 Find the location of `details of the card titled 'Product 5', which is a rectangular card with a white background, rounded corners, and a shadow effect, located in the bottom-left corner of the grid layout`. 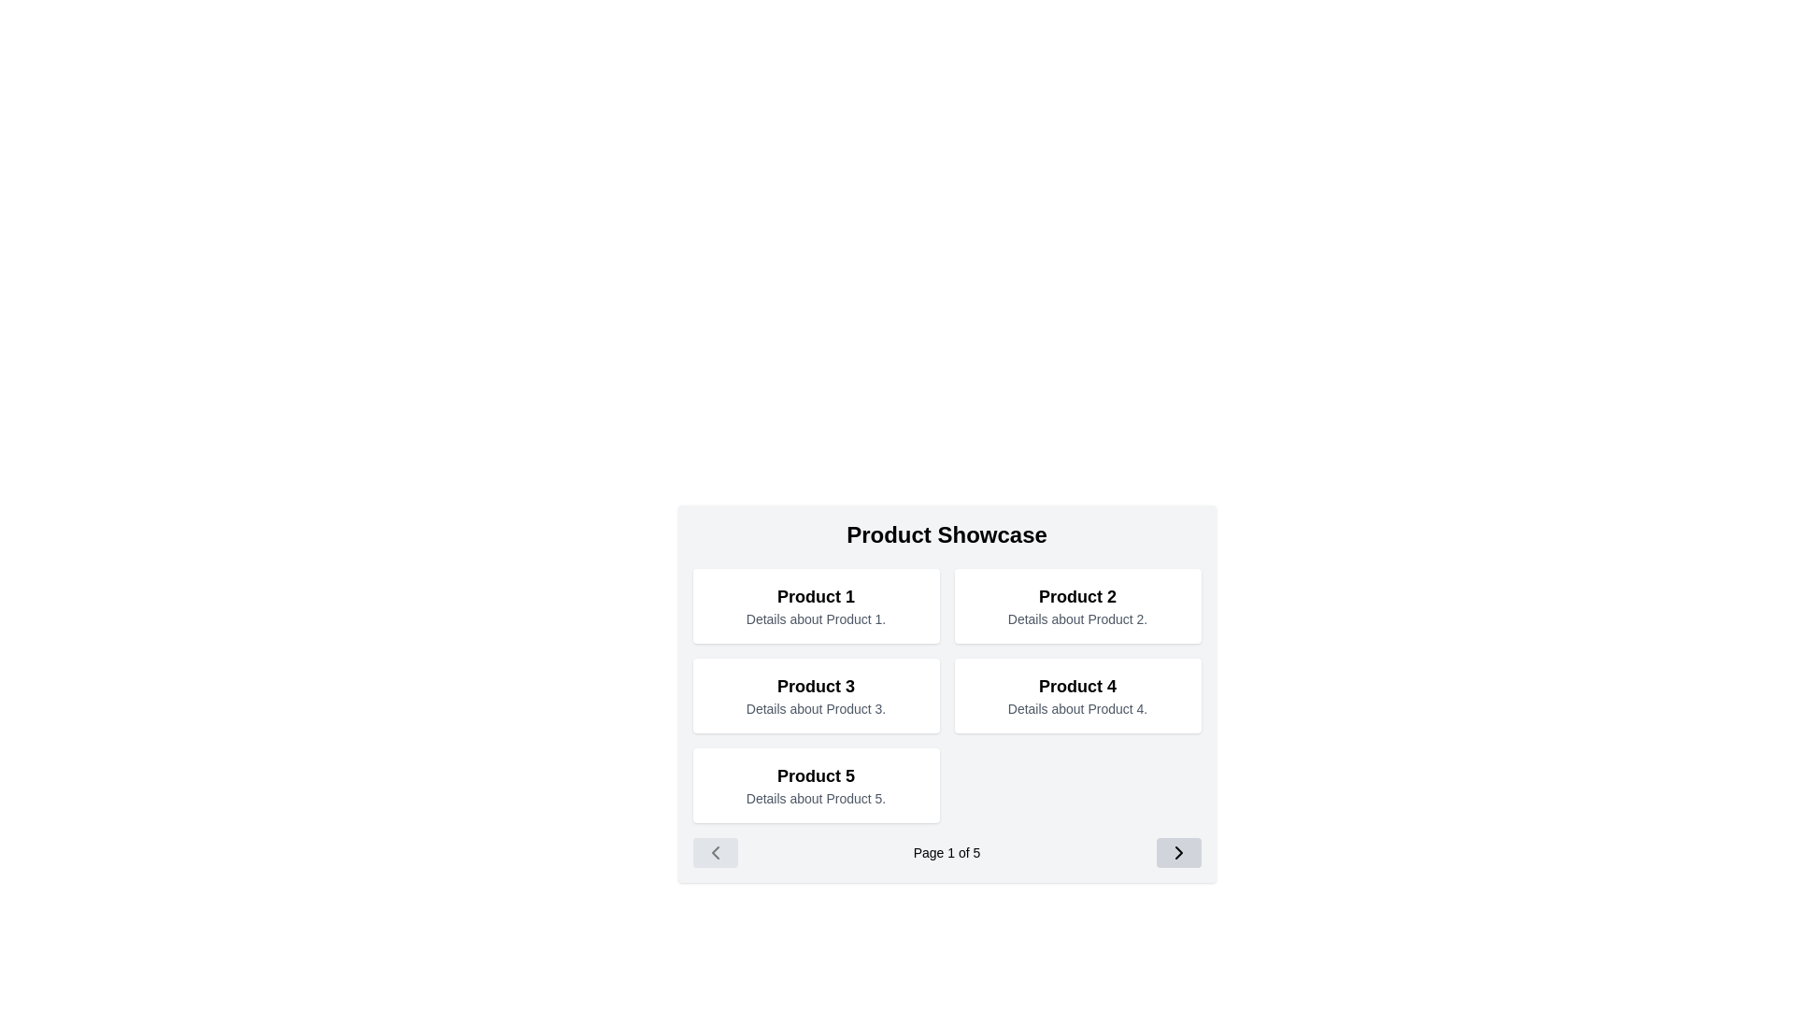

details of the card titled 'Product 5', which is a rectangular card with a white background, rounded corners, and a shadow effect, located in the bottom-left corner of the grid layout is located at coordinates (816, 785).